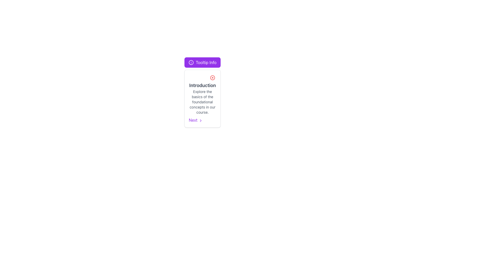 This screenshot has height=279, width=496. What do you see at coordinates (213, 78) in the screenshot?
I see `the SVG Circle icon located at the center of the dismiss icon in the top portion of the 'Introduction' card` at bounding box center [213, 78].